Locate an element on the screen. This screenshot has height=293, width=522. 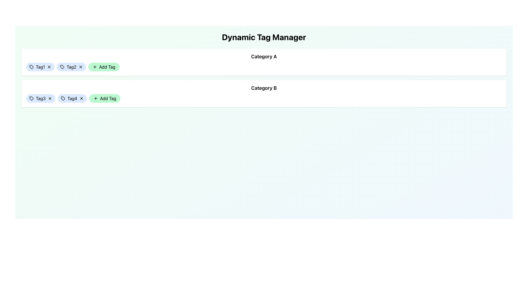
the 'X' icon on the Tag2 element is located at coordinates (71, 66).